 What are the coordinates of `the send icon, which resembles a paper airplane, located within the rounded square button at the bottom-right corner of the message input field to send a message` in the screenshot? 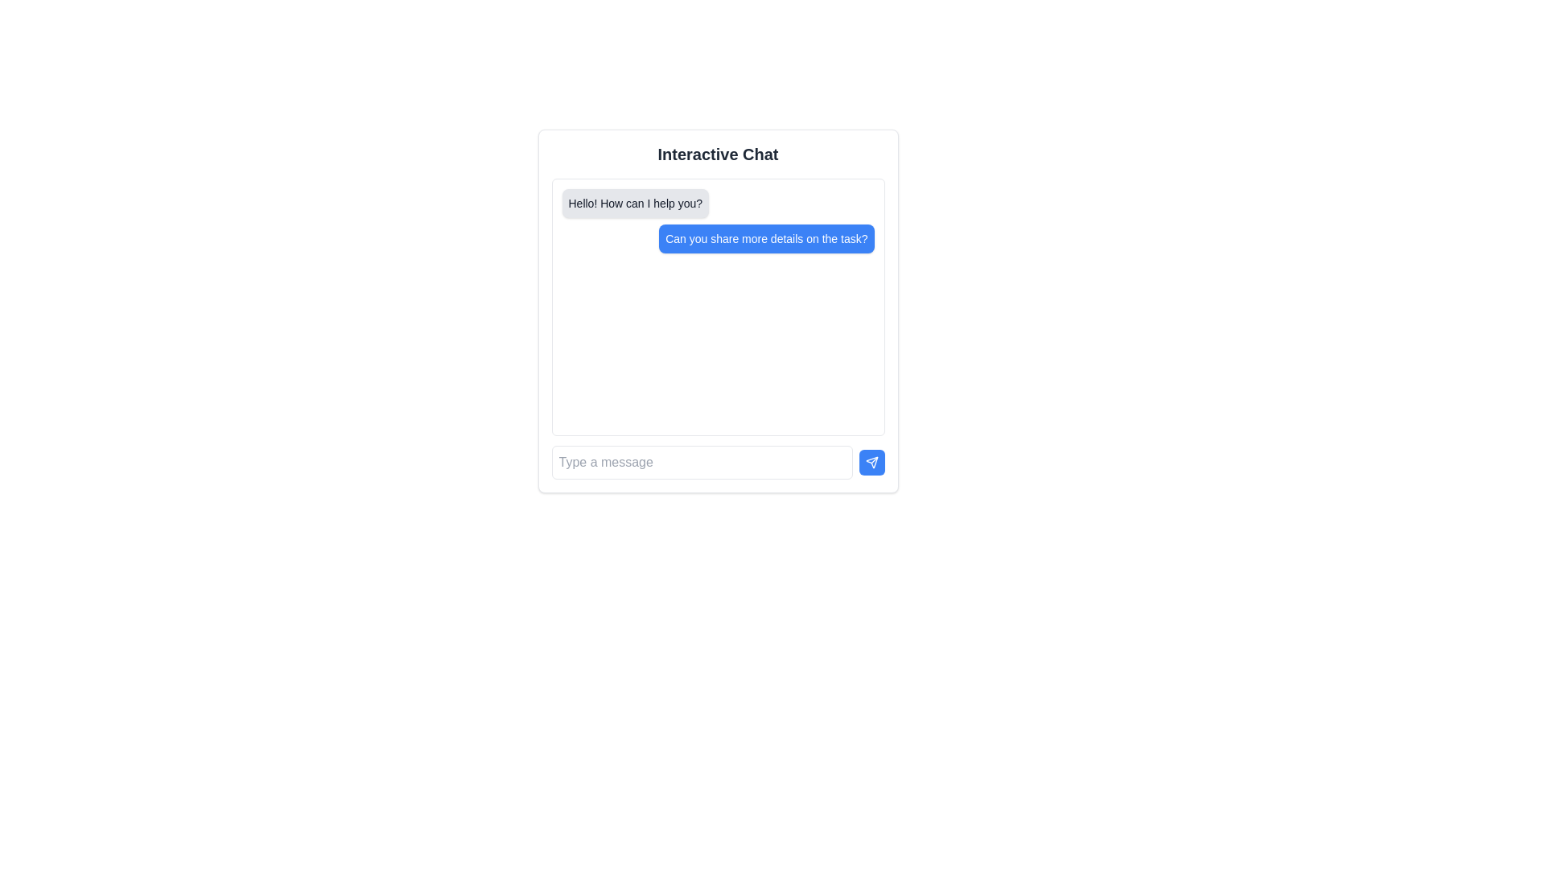 It's located at (871, 462).